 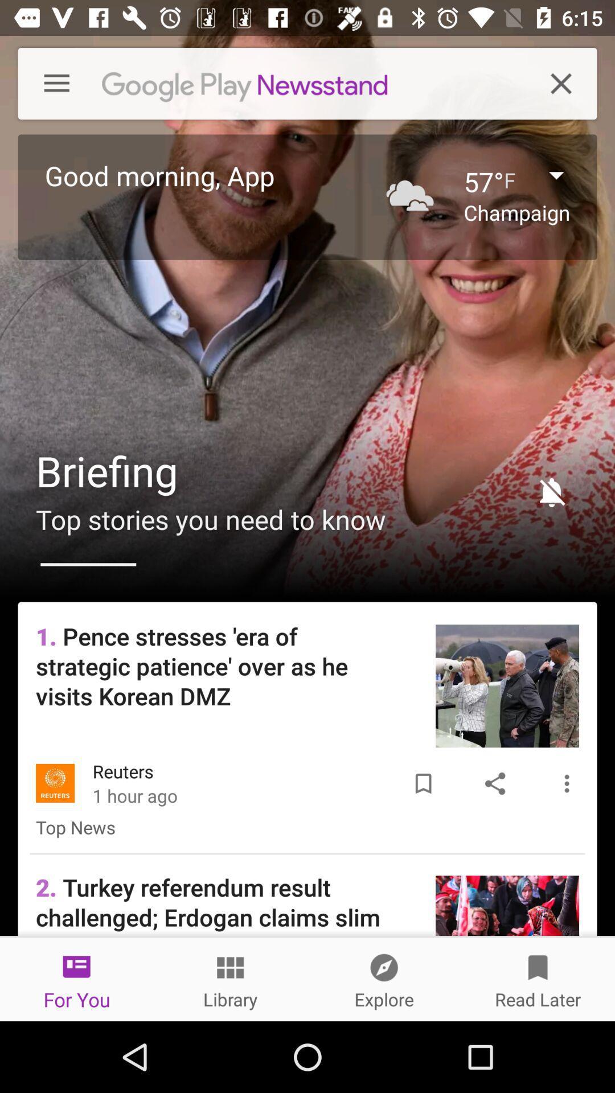 What do you see at coordinates (423, 783) in the screenshot?
I see `the icon above 2 turkey referendum icon` at bounding box center [423, 783].